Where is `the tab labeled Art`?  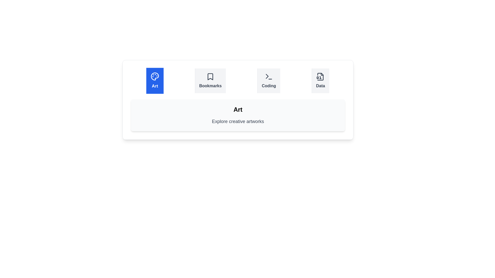
the tab labeled Art is located at coordinates (154, 81).